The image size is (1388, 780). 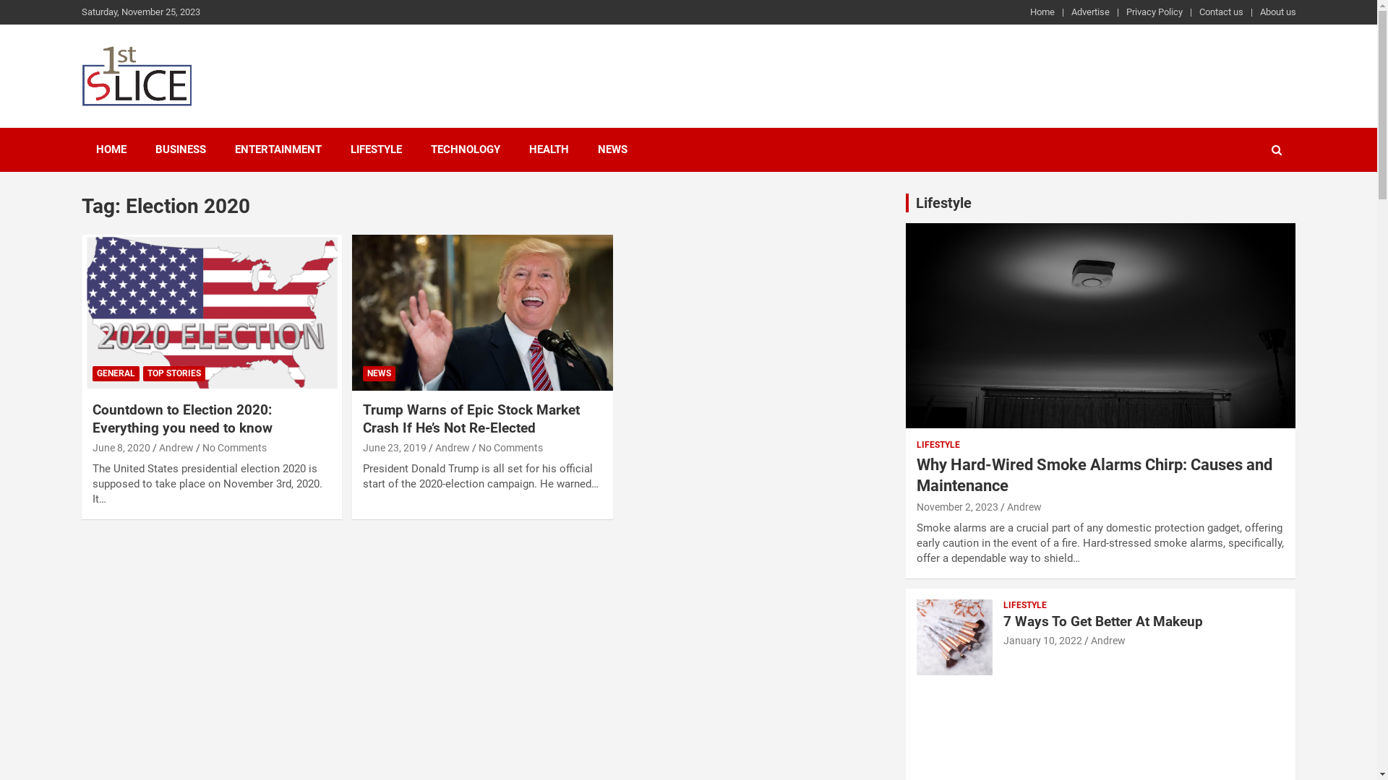 I want to click on '7 Ways To Get Better At Makeup', so click(x=1102, y=620).